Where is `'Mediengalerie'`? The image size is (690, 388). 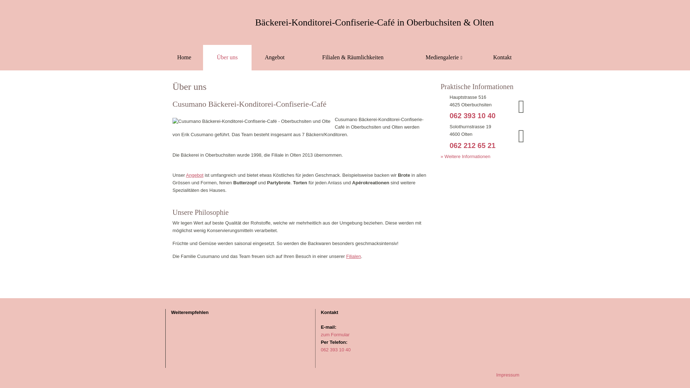 'Mediengalerie' is located at coordinates (408, 57).